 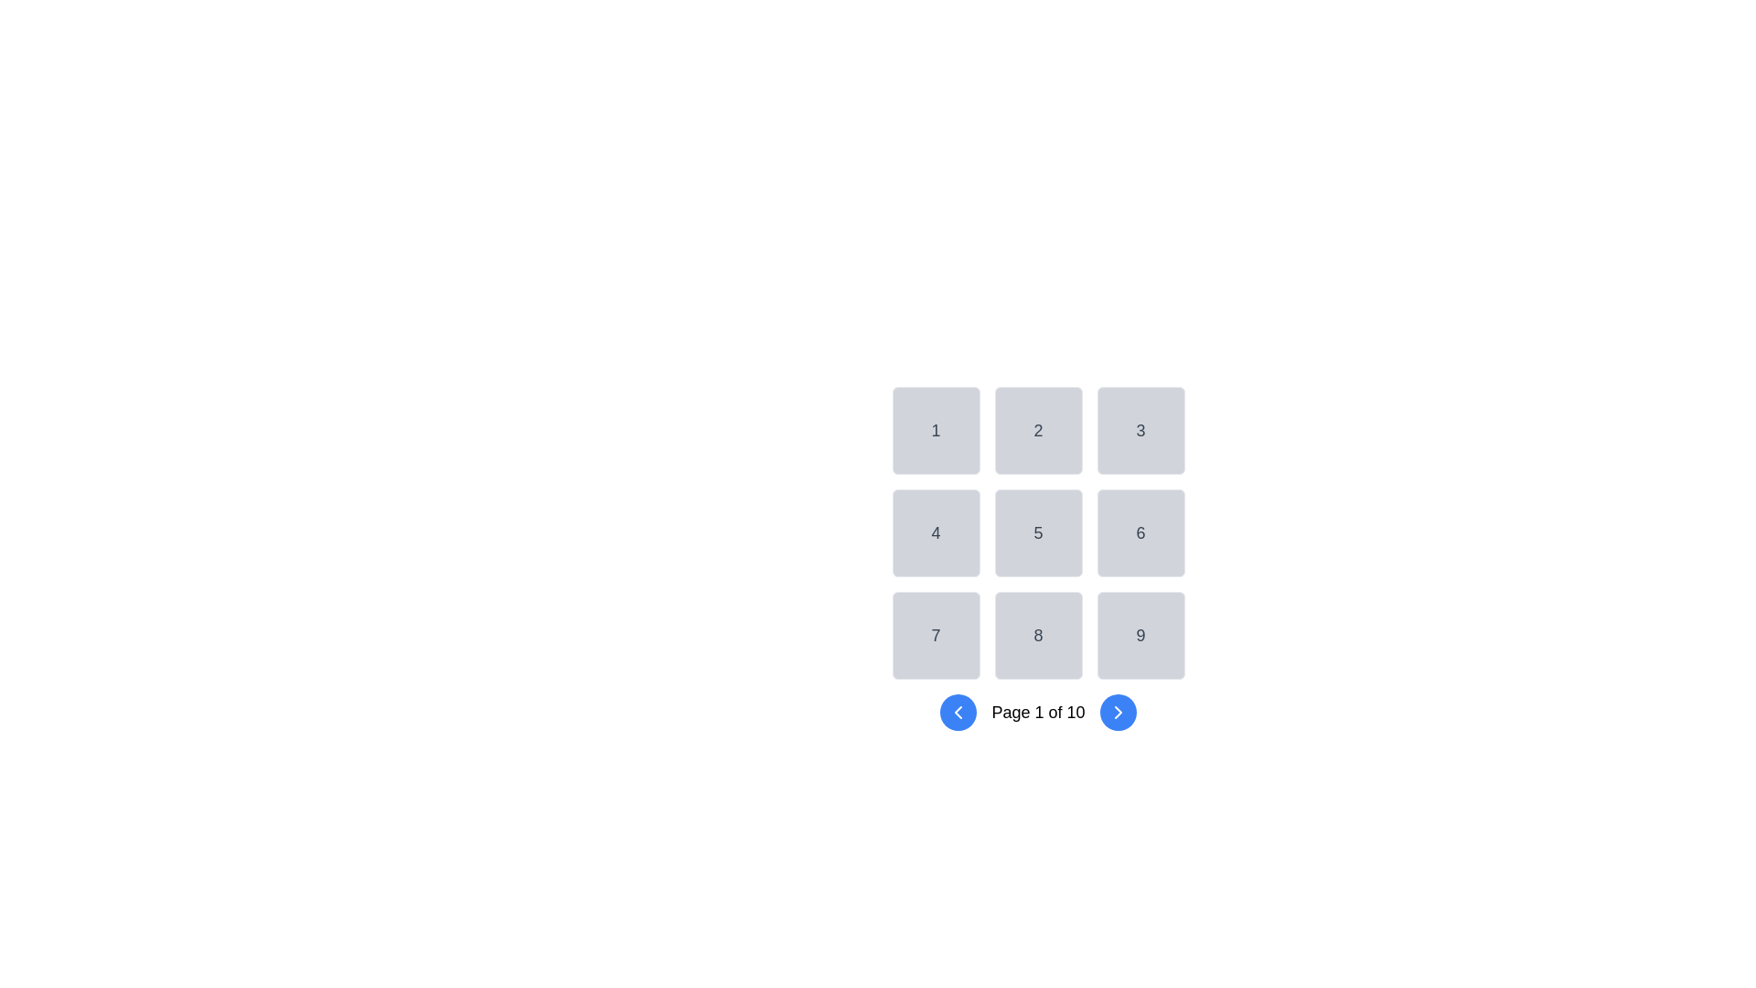 What do you see at coordinates (958, 712) in the screenshot?
I see `the circular blue button with a white left-pointing chevron icon located to the left of 'Page 1 of 10' in the pagination control group` at bounding box center [958, 712].